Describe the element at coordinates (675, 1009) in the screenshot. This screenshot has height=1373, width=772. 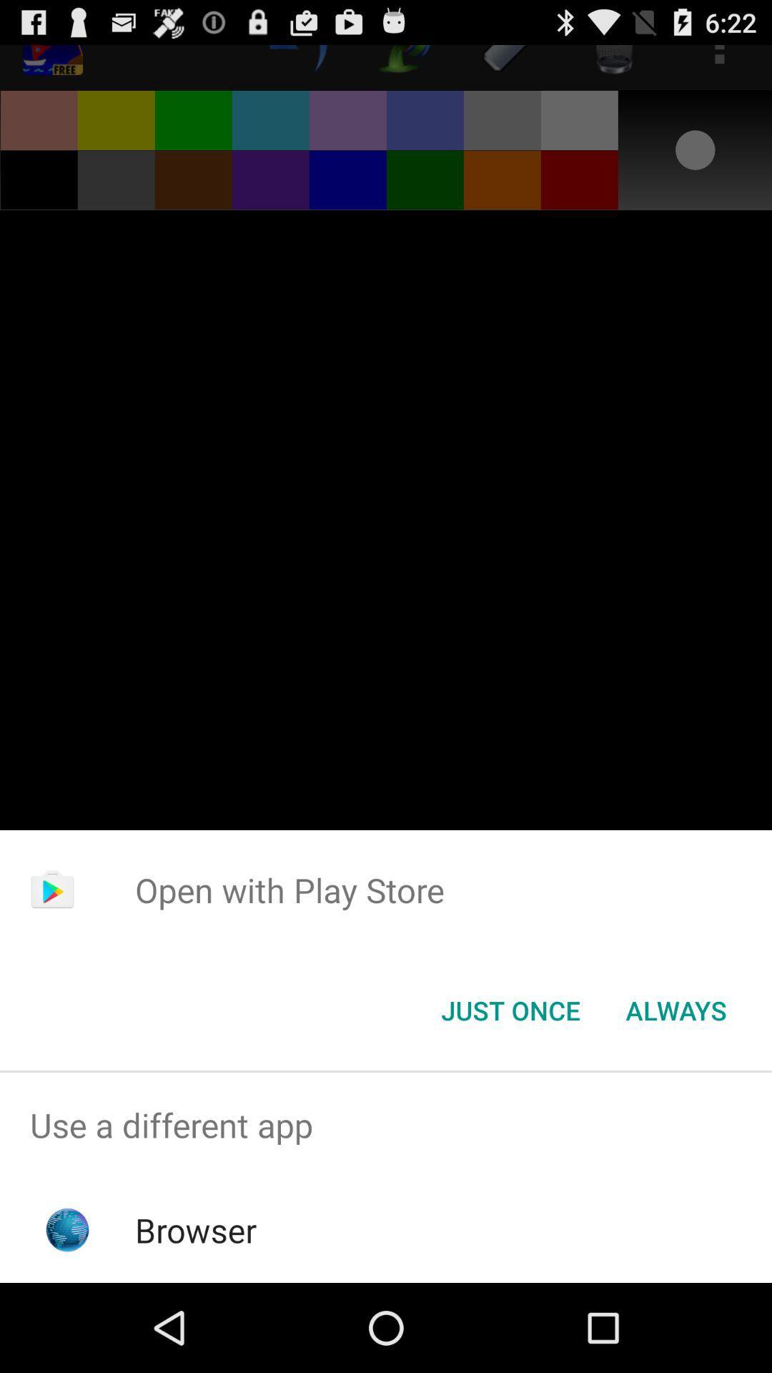
I see `always icon` at that location.